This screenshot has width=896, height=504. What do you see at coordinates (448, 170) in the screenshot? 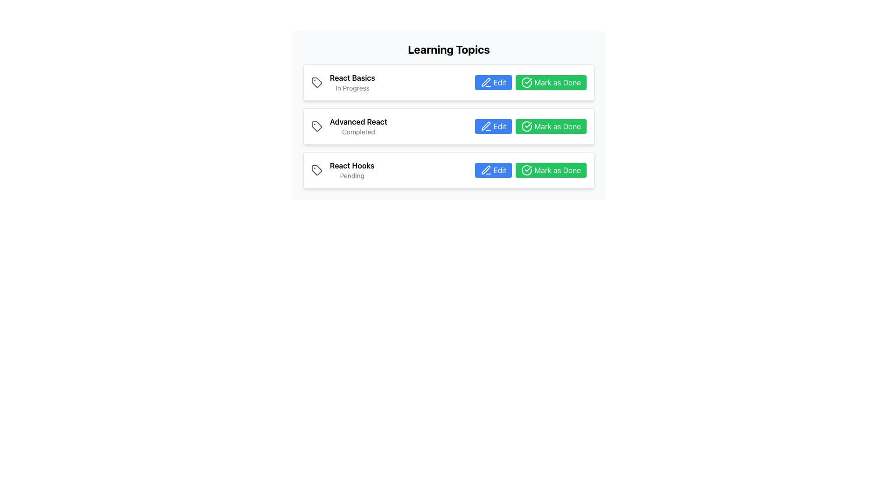
I see `the 'Mark as Done' button on the List Item element labeled 'React Hooks'` at bounding box center [448, 170].